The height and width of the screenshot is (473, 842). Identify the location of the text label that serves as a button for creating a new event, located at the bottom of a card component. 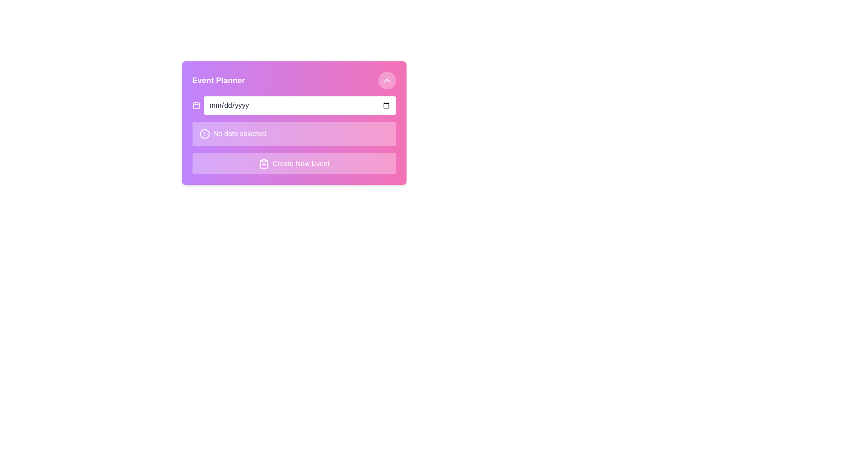
(301, 164).